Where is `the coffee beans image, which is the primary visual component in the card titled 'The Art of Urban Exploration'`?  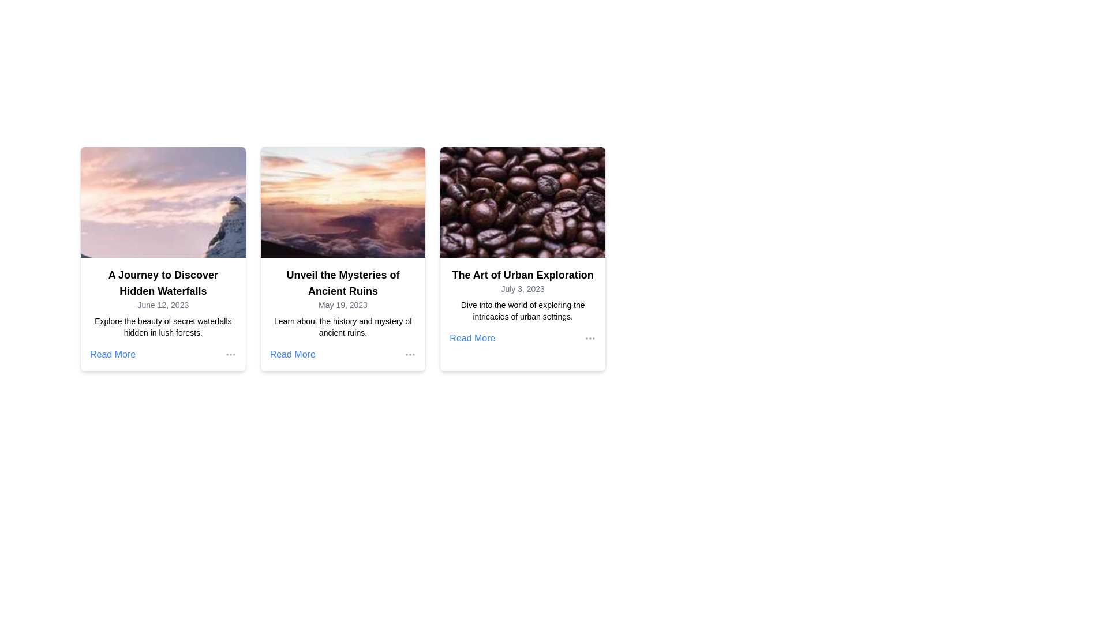 the coffee beans image, which is the primary visual component in the card titled 'The Art of Urban Exploration' is located at coordinates (522, 202).